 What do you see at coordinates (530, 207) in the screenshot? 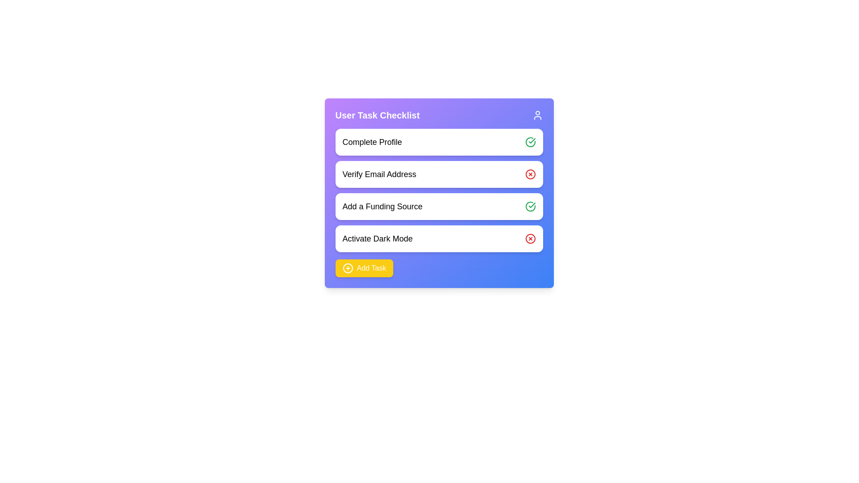
I see `the green checkmark icon located in the third row of the checklist interface, next to the text 'Add a Funding Source'` at bounding box center [530, 207].